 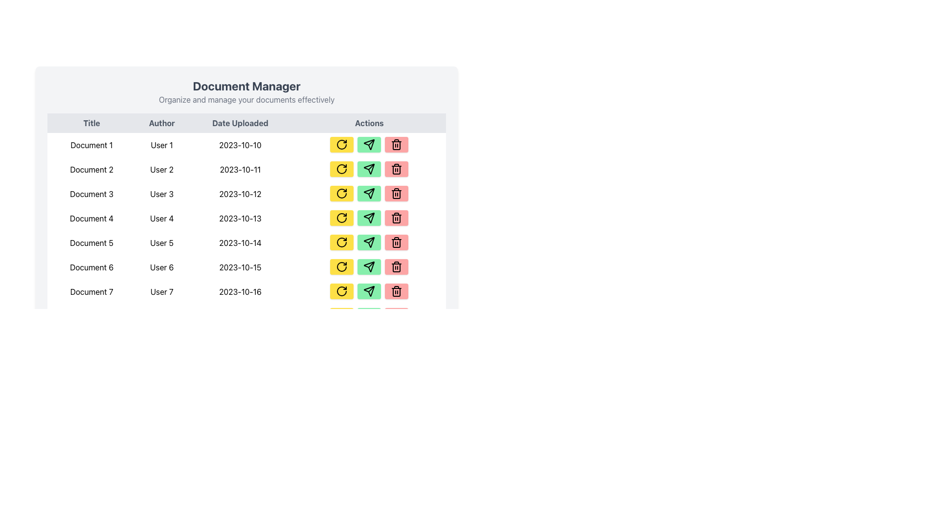 I want to click on the text display element showing 'User 2' under the 'Author' column, so click(x=162, y=169).